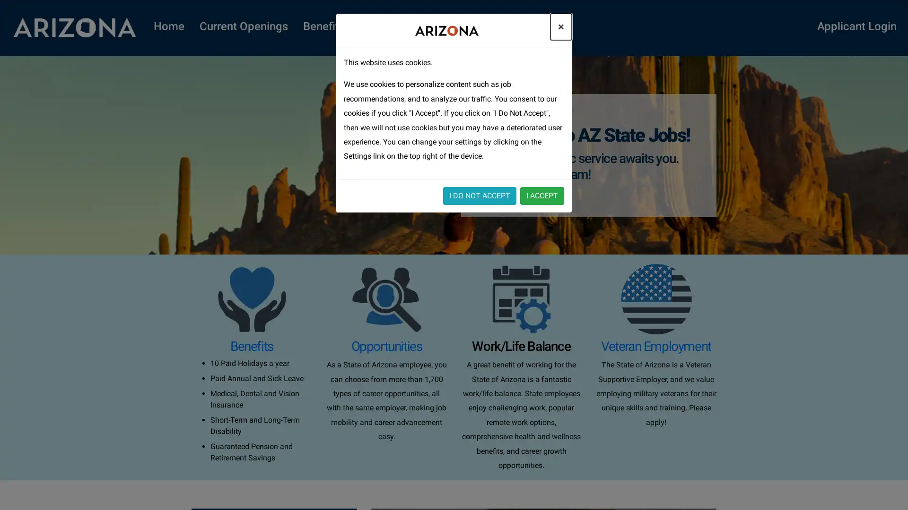 The height and width of the screenshot is (510, 908). What do you see at coordinates (480, 195) in the screenshot?
I see `I DO NOT ACCEPT` at bounding box center [480, 195].